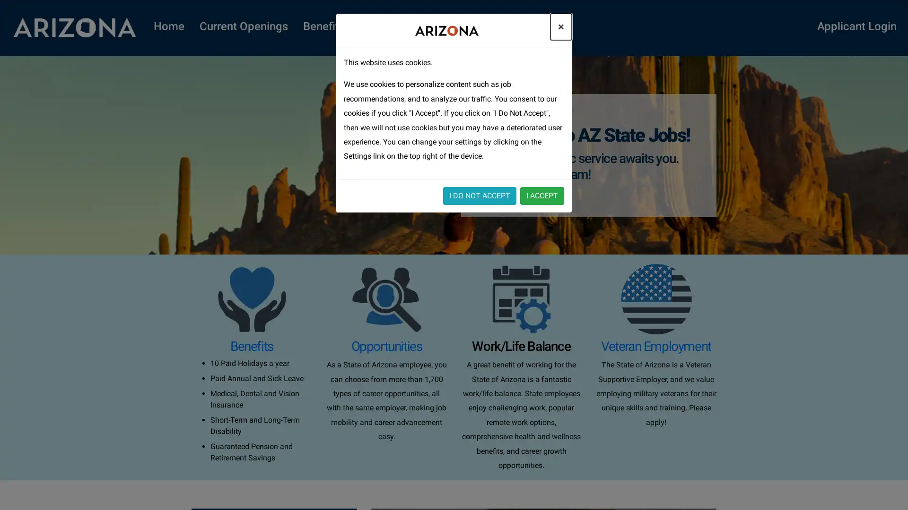 The height and width of the screenshot is (510, 908). What do you see at coordinates (480, 195) in the screenshot?
I see `I DO NOT ACCEPT` at bounding box center [480, 195].